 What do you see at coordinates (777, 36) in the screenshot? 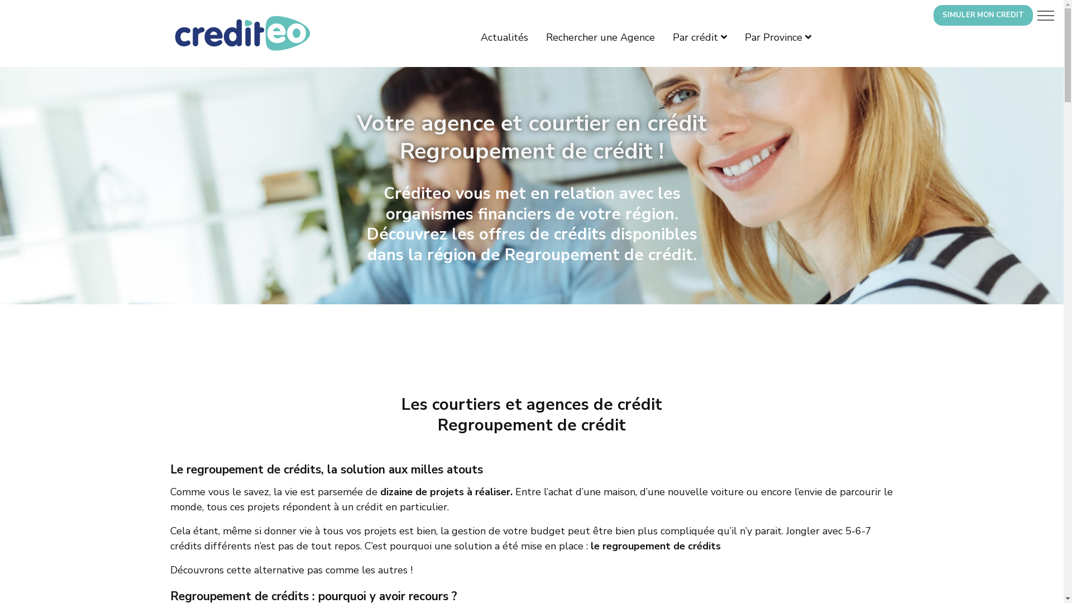
I see `'Par Province'` at bounding box center [777, 36].